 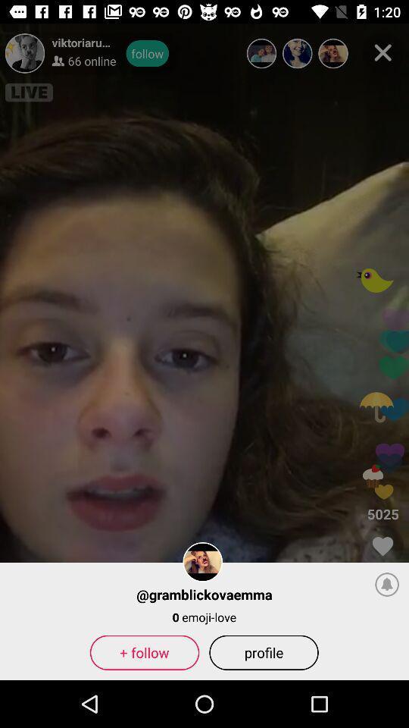 I want to click on the notifications icon, so click(x=387, y=626).